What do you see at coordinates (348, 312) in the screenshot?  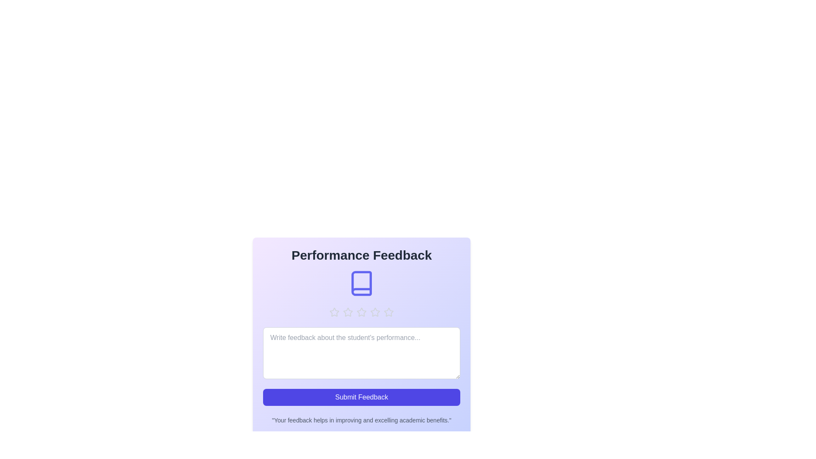 I see `the star corresponding to 2 to set the rating` at bounding box center [348, 312].